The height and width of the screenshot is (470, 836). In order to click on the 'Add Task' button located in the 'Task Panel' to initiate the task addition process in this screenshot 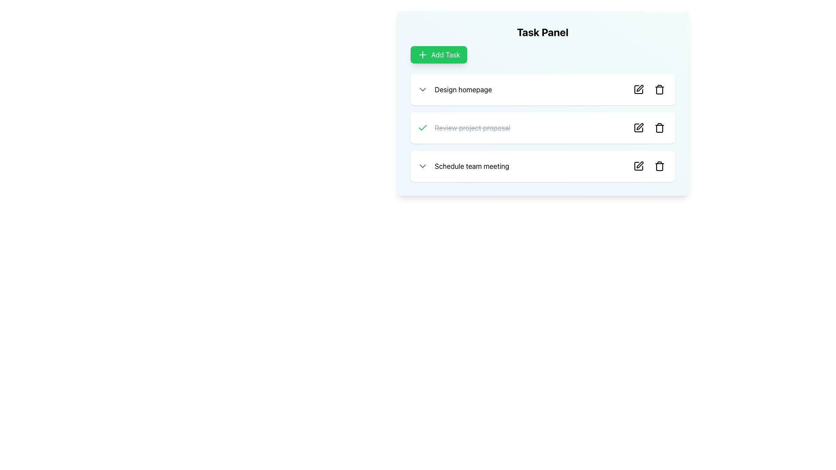, I will do `click(438, 55)`.